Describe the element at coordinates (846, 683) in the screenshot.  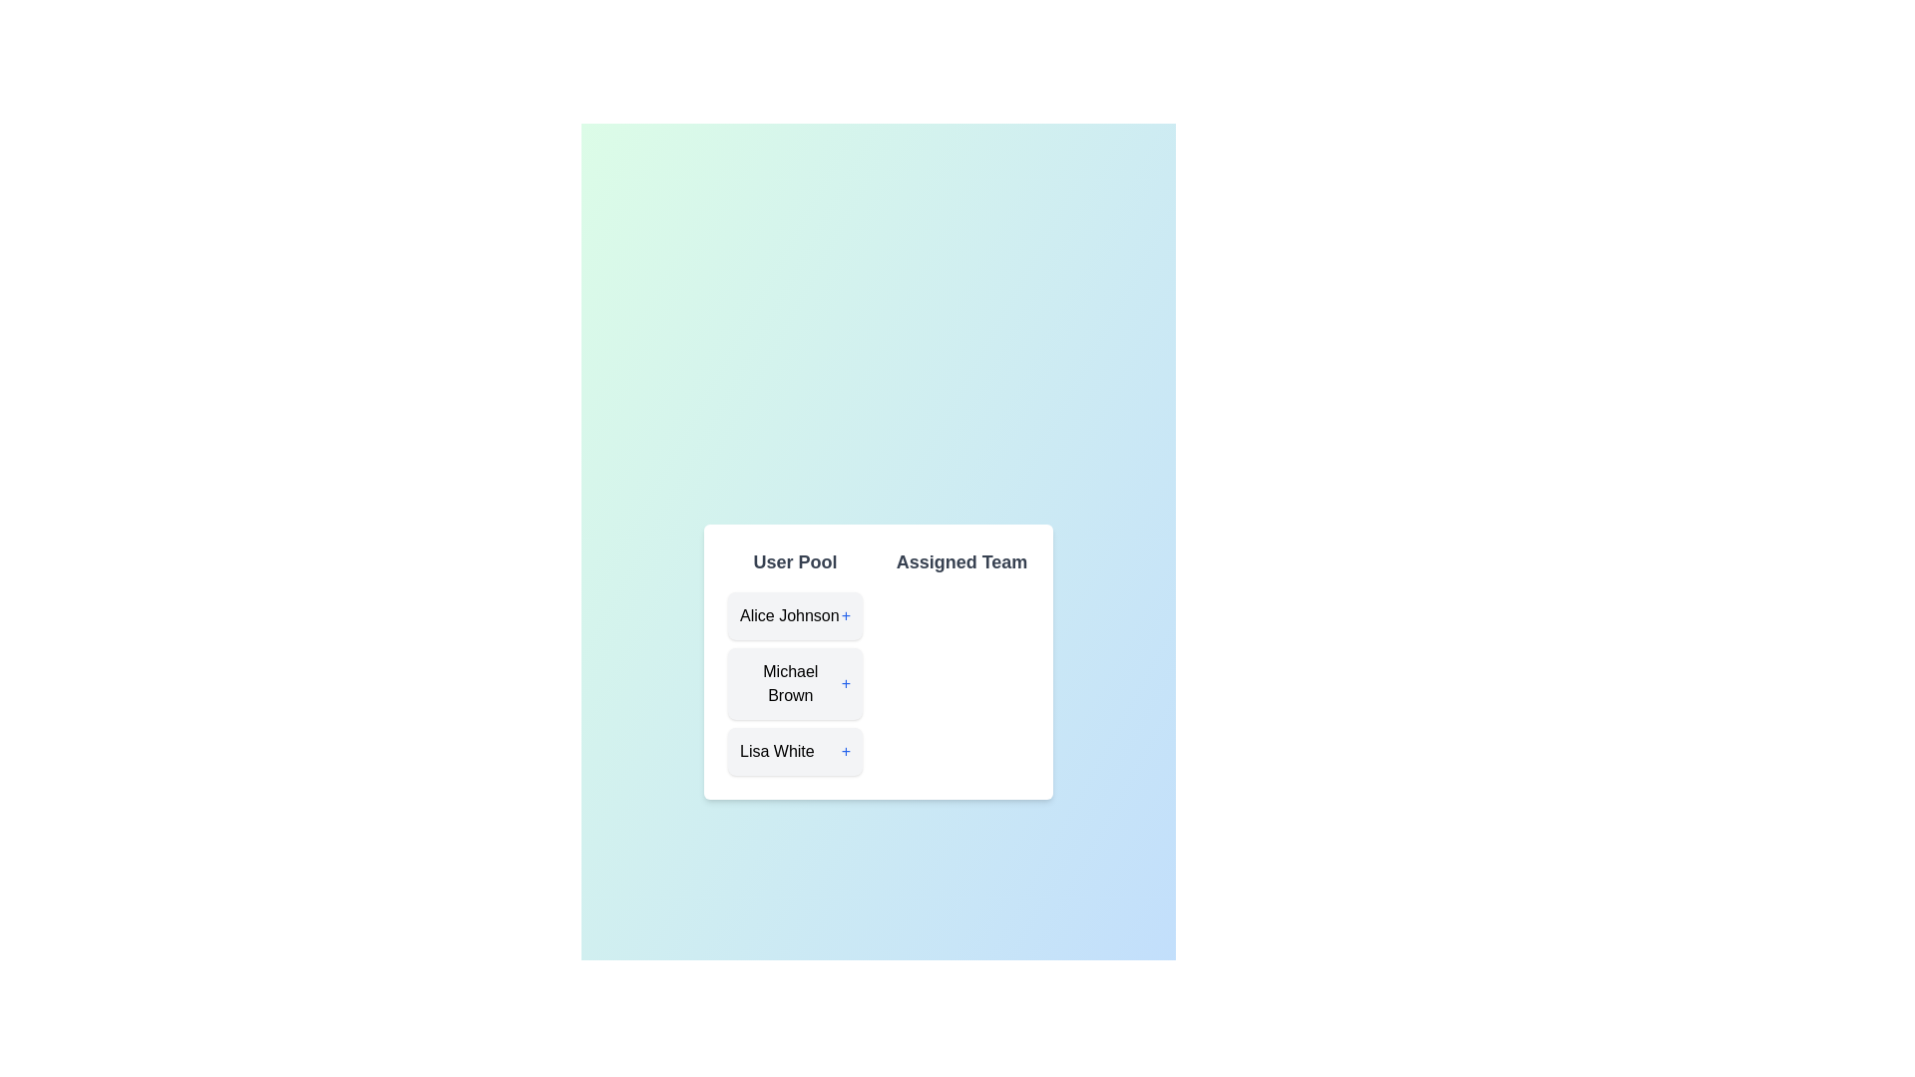
I see `'+' button next to Michael Brown in the User Pool to move them to the Assigned Team` at that location.